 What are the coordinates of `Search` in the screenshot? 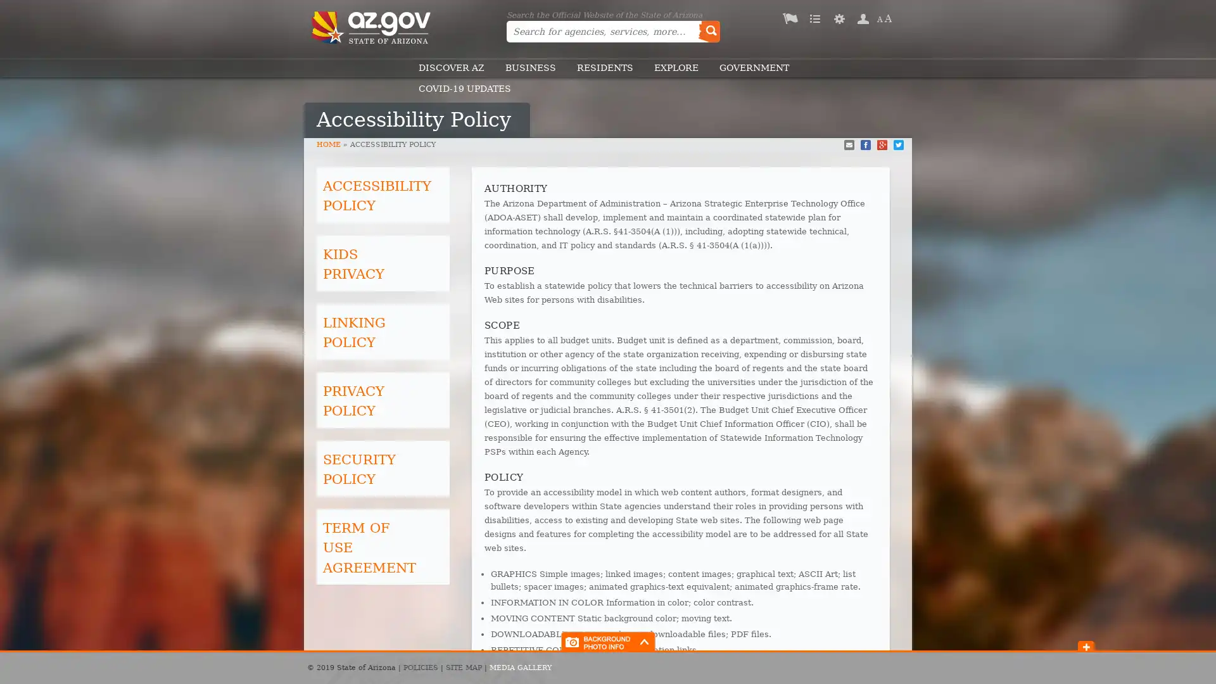 It's located at (708, 31).